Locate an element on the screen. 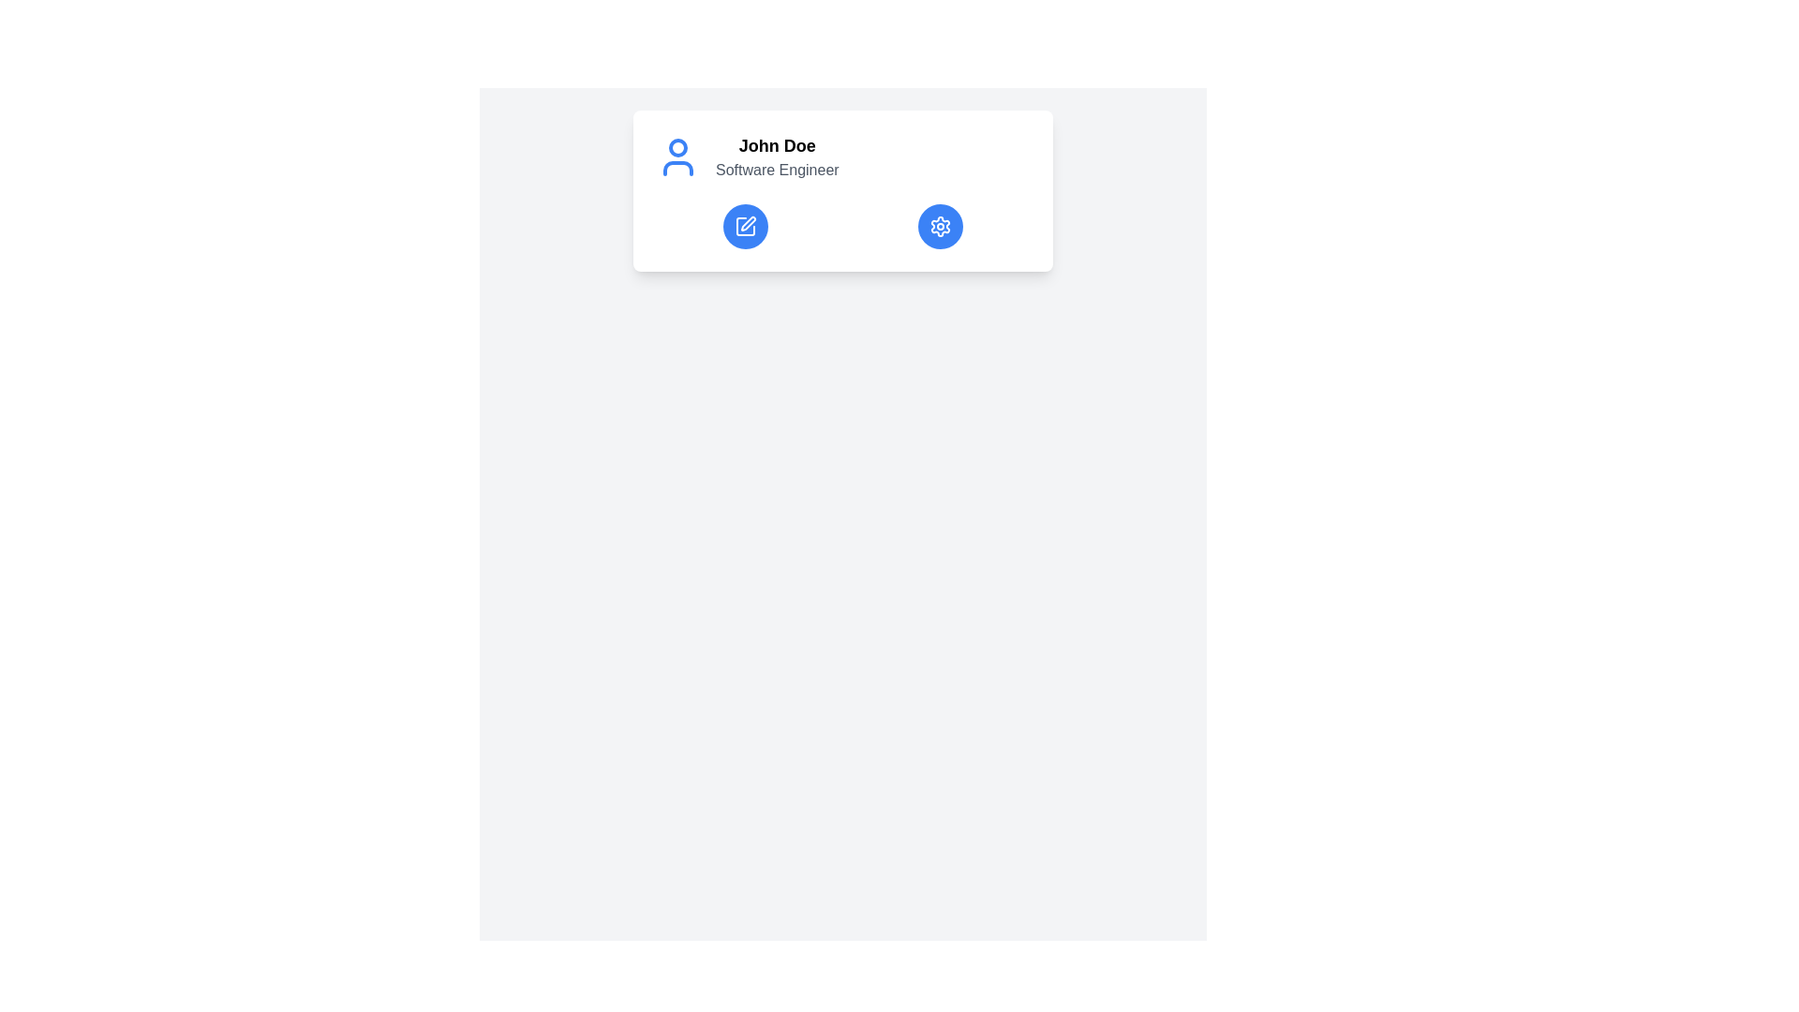 The height and width of the screenshot is (1012, 1799). the edit button located in the second row of the grid, directly below the user details section is located at coordinates (745, 226).